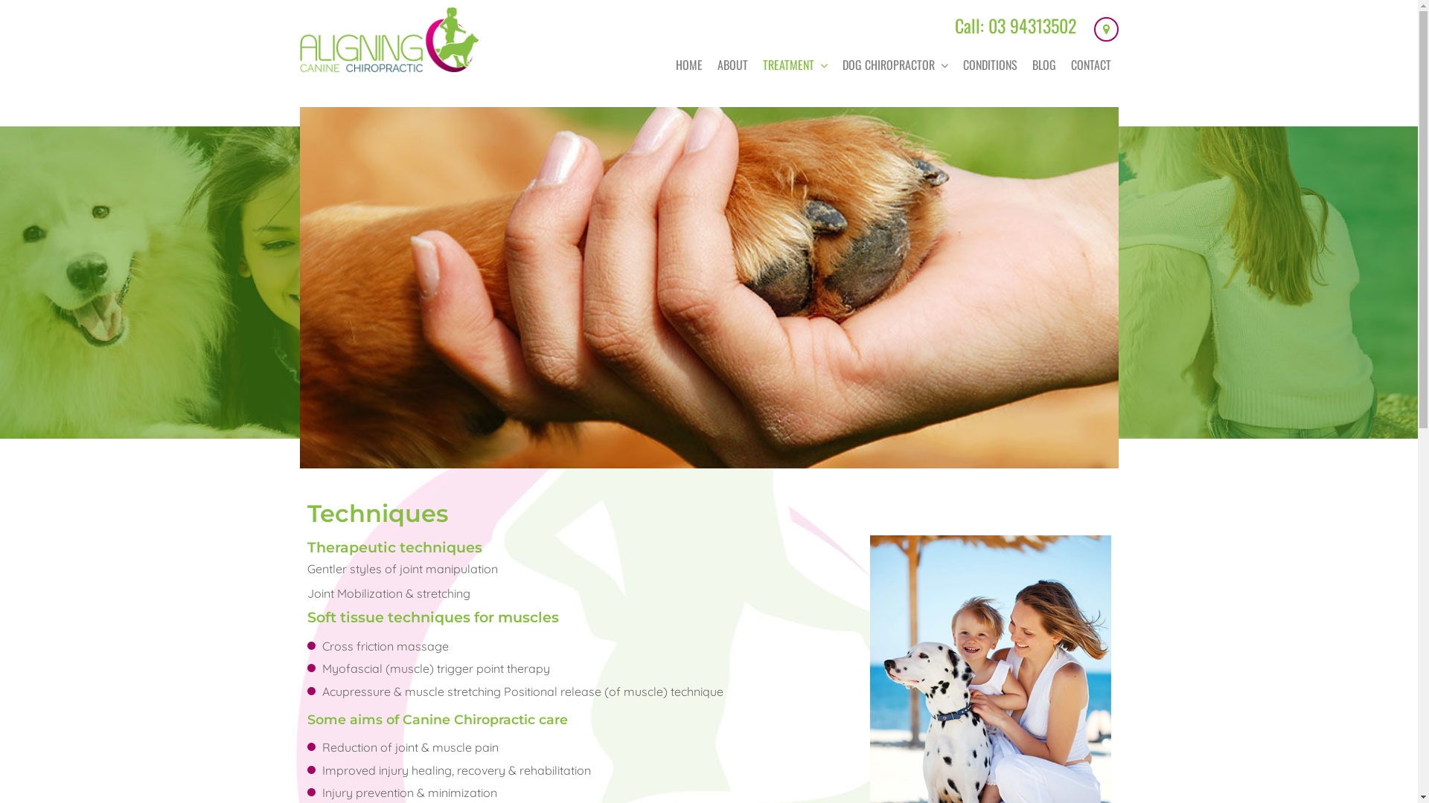  Describe the element at coordinates (1090, 64) in the screenshot. I see `'CONTACT'` at that location.